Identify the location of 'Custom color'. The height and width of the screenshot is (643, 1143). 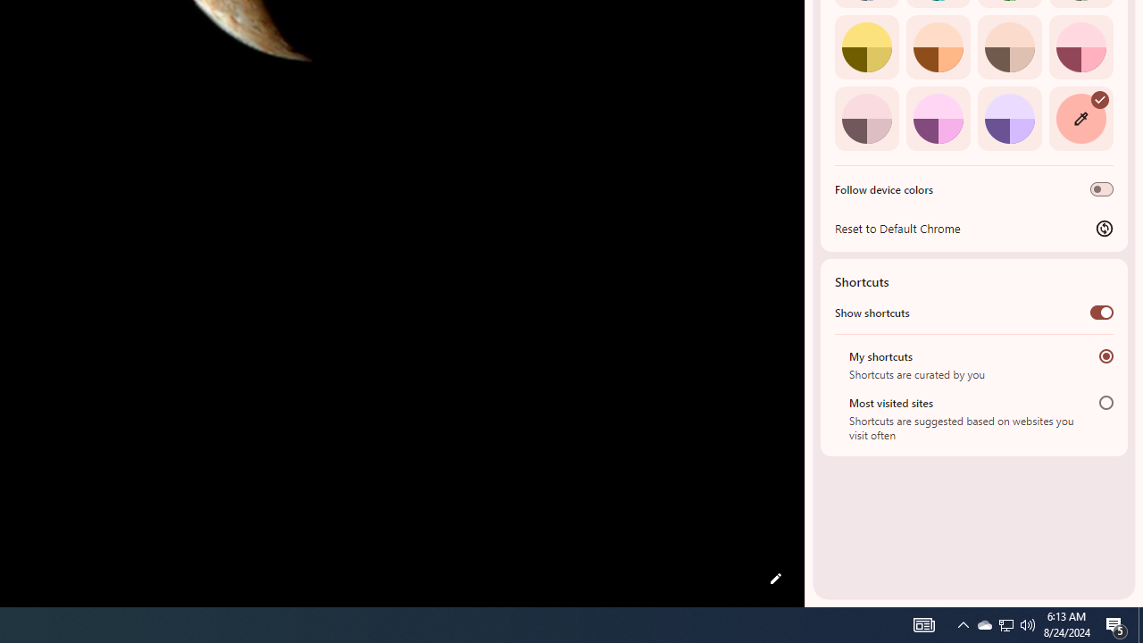
(1080, 118).